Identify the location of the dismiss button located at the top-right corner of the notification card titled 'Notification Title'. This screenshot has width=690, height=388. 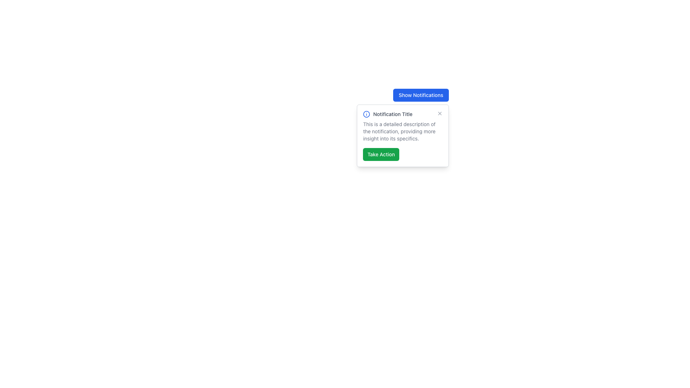
(440, 113).